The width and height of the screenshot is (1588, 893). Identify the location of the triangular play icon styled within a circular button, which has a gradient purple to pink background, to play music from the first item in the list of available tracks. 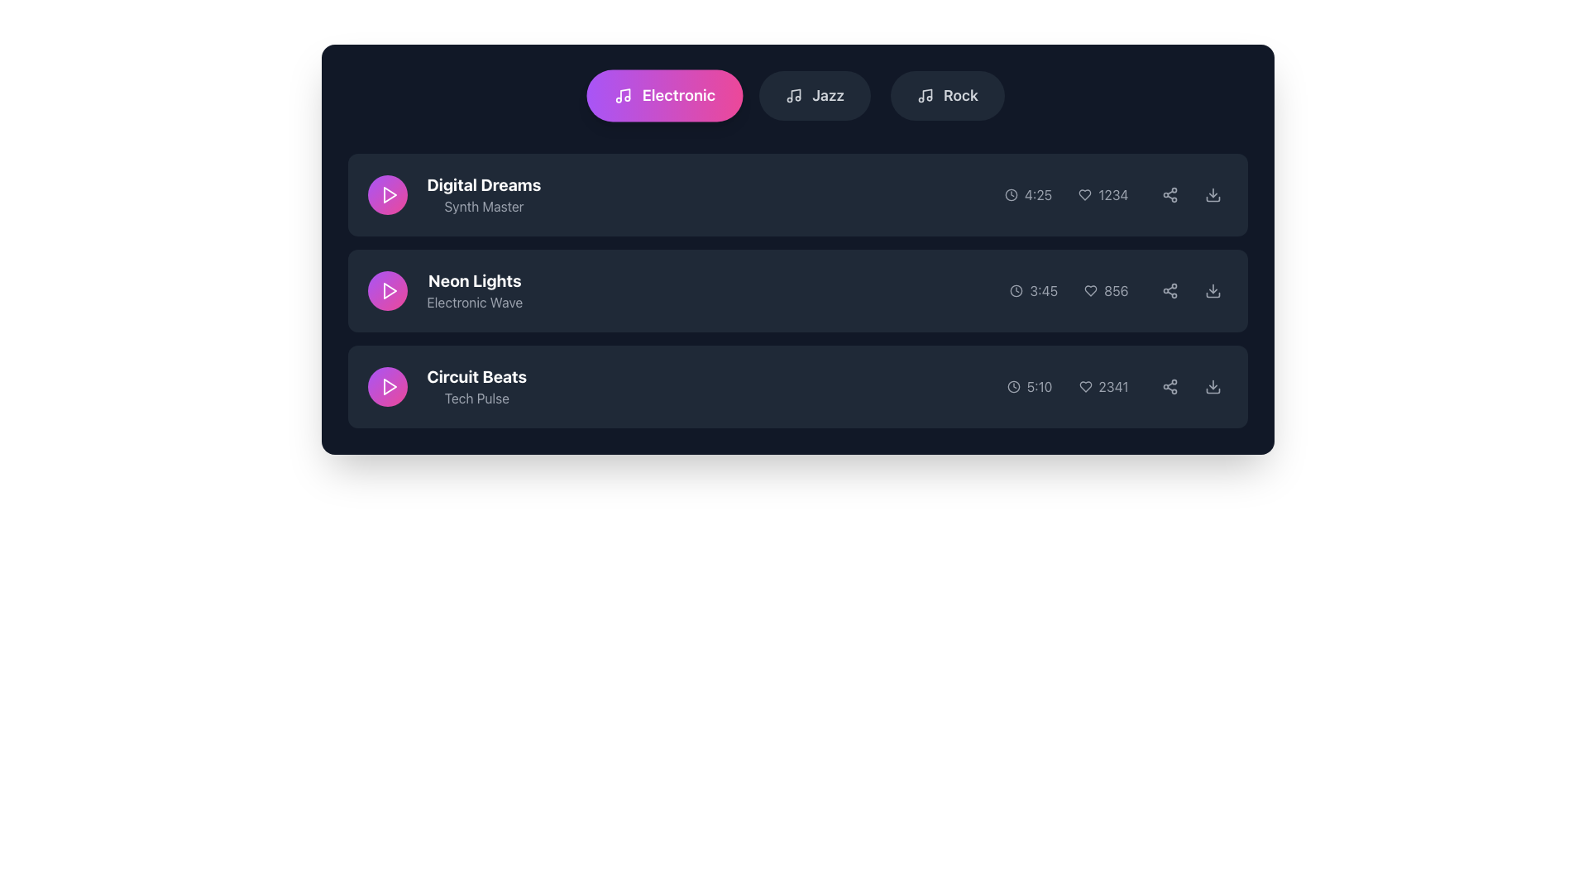
(388, 193).